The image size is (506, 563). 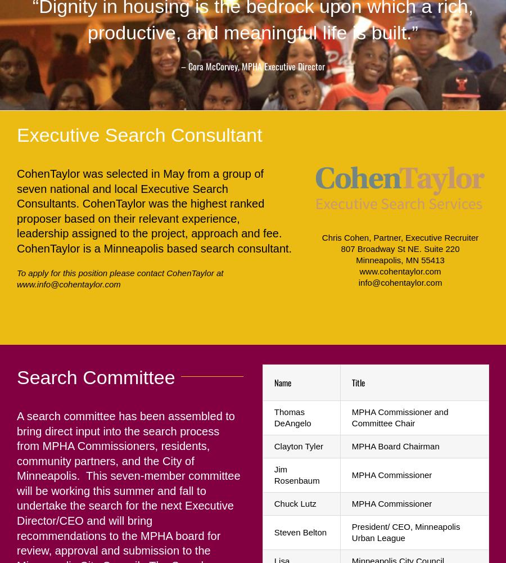 What do you see at coordinates (399, 260) in the screenshot?
I see `'Minneapolis, MN 55413'` at bounding box center [399, 260].